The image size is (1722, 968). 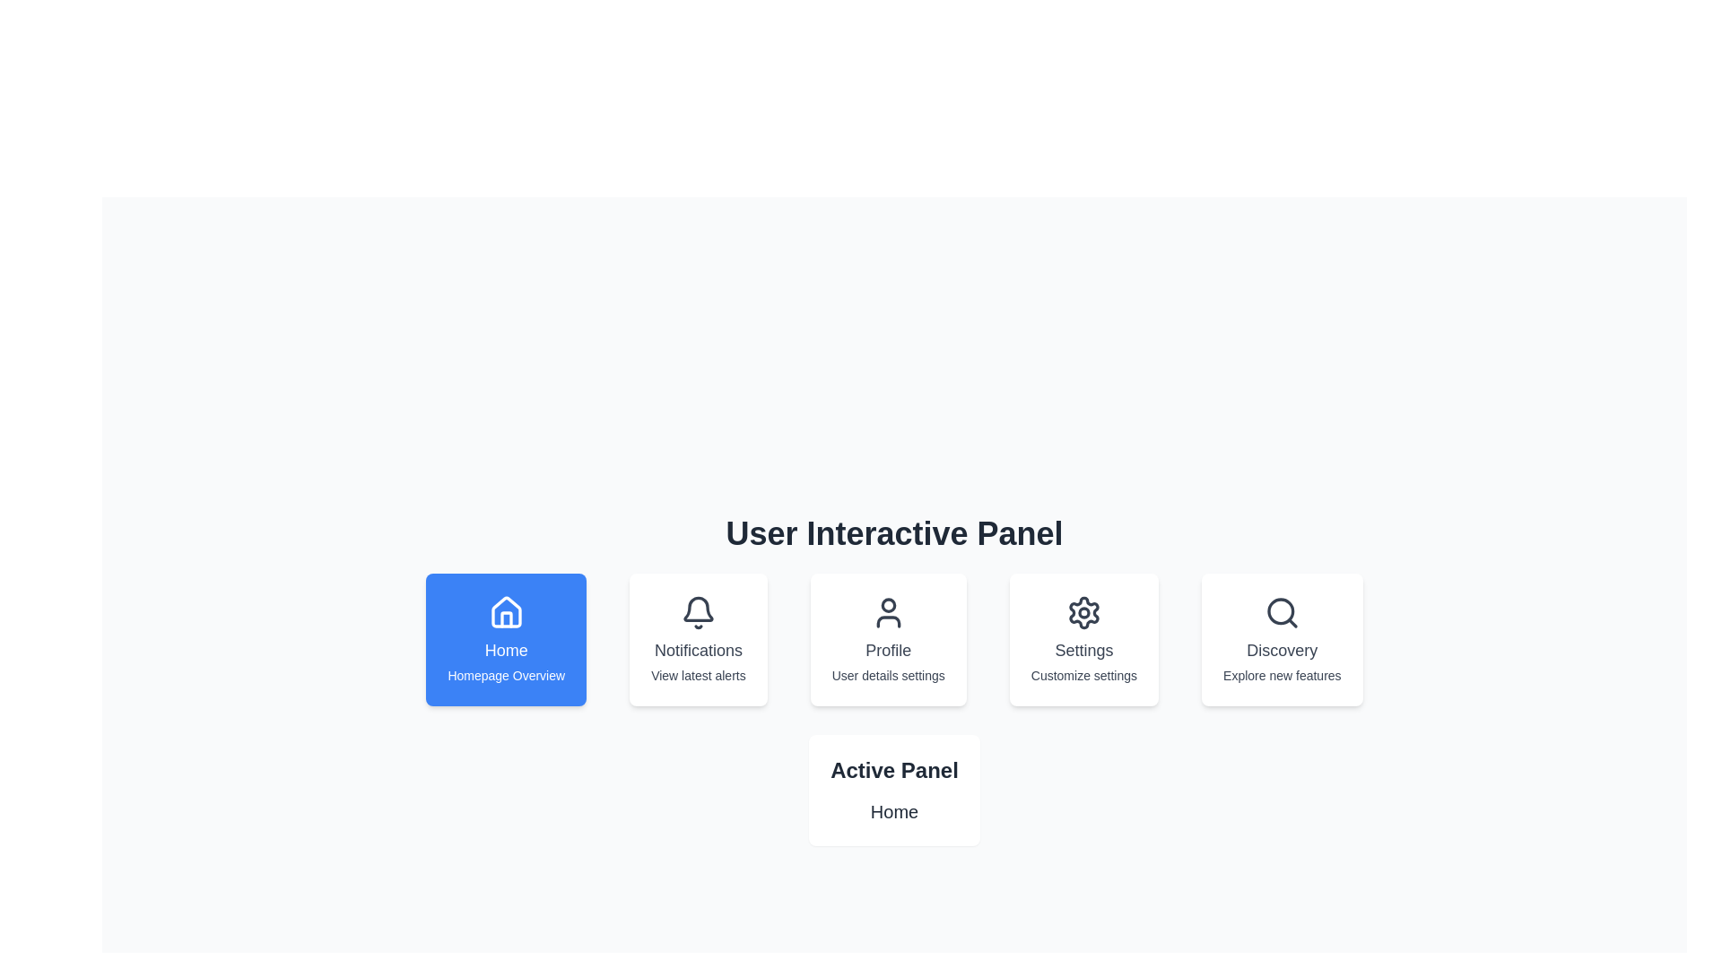 What do you see at coordinates (888, 611) in the screenshot?
I see `the user profile icon located at the top of the 'Profile' card` at bounding box center [888, 611].